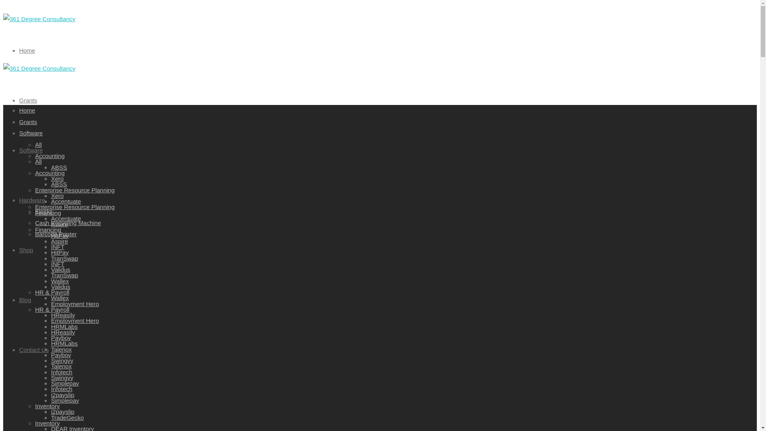 The width and height of the screenshot is (766, 431). I want to click on 'HRMLabs', so click(64, 343).